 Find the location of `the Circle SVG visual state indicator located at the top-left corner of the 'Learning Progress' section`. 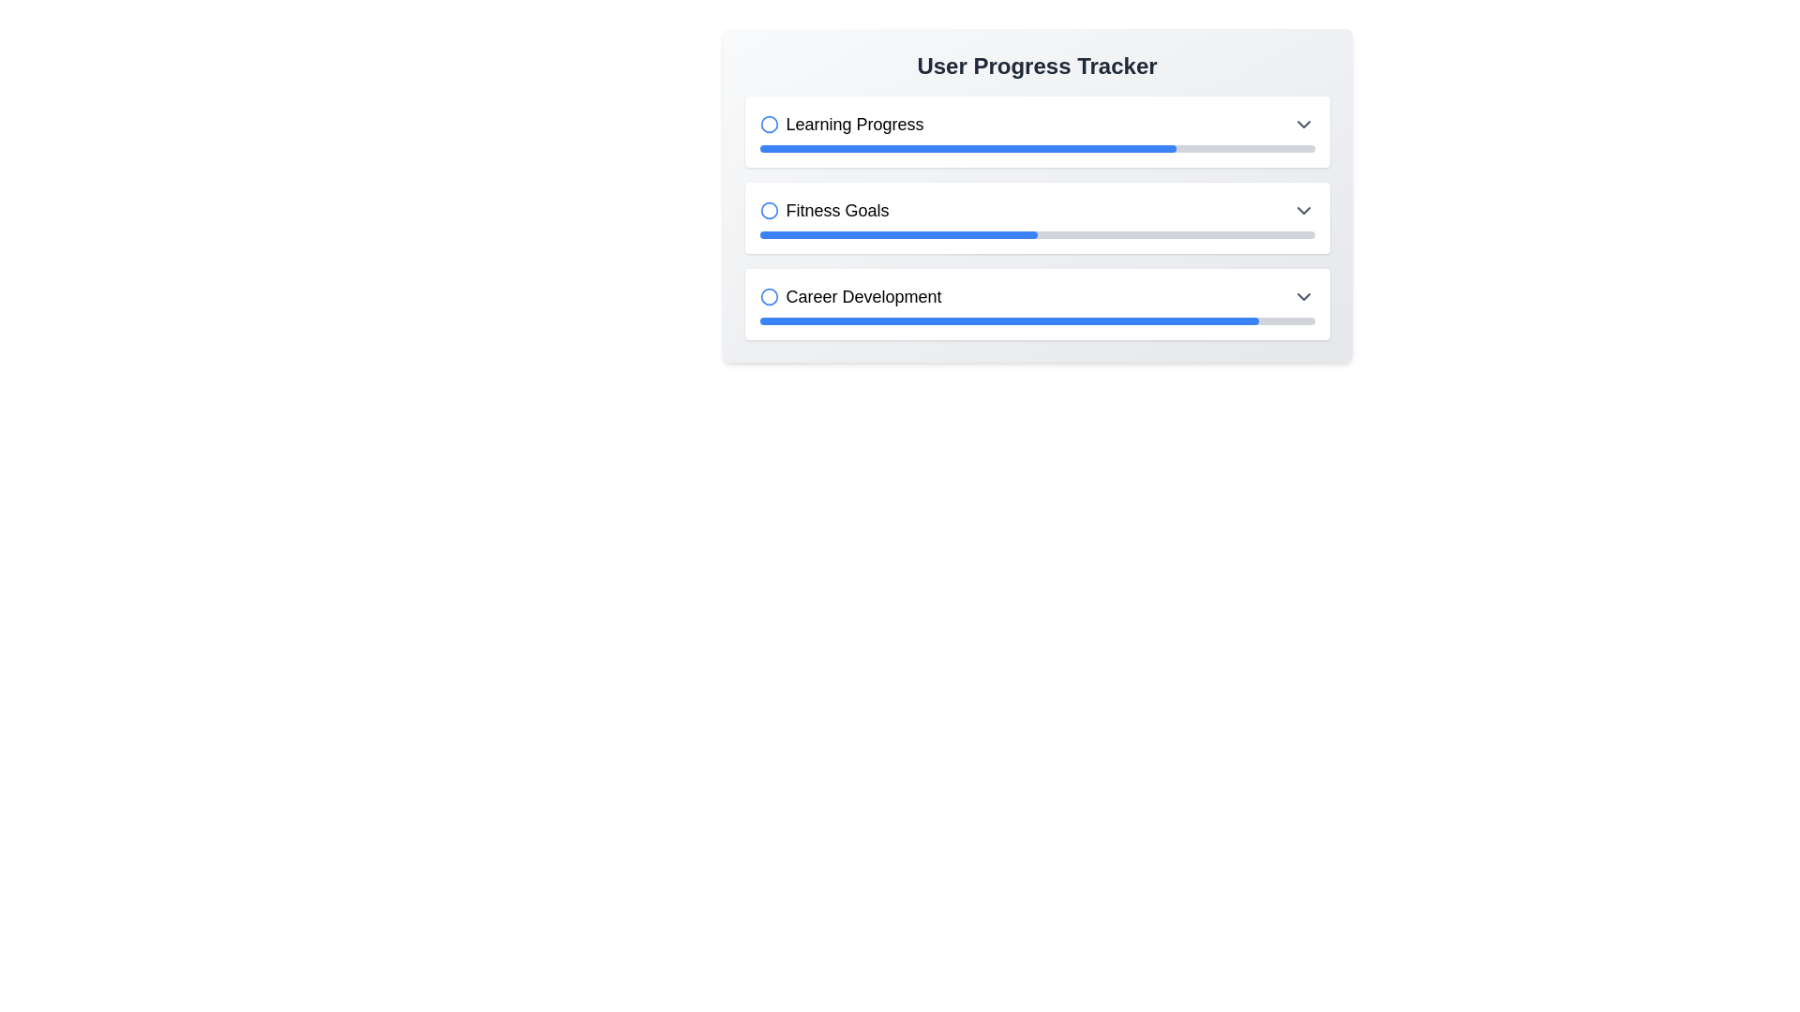

the Circle SVG visual state indicator located at the top-left corner of the 'Learning Progress' section is located at coordinates (769, 124).